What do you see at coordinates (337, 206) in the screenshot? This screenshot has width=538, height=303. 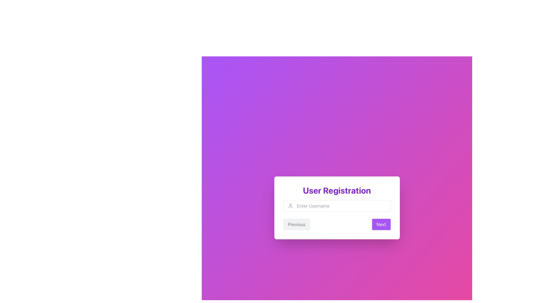 I see `the interactive user input field for entering the username located in the central white card titled 'User Registration', positioned directly beneath the title` at bounding box center [337, 206].